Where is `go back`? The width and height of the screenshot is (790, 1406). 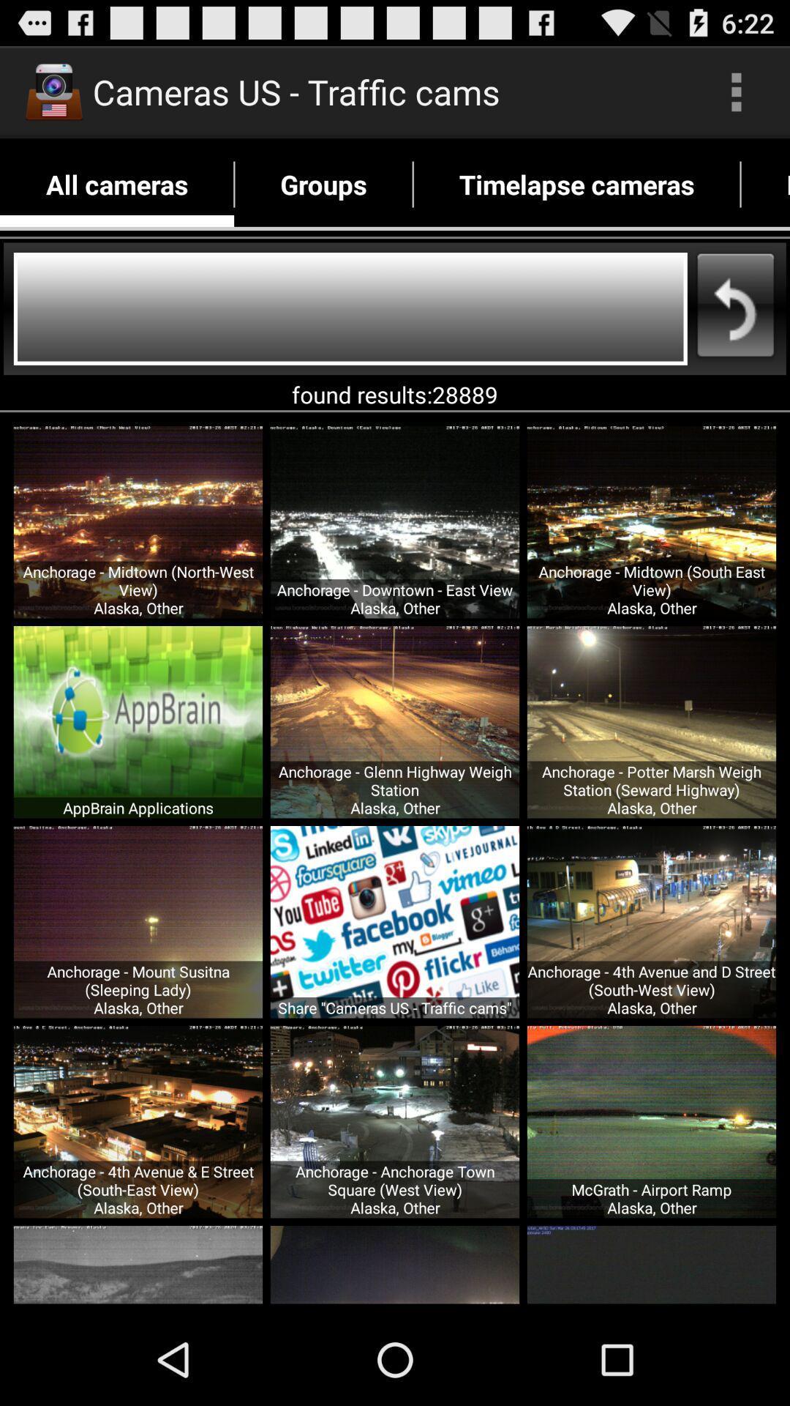 go back is located at coordinates (350, 308).